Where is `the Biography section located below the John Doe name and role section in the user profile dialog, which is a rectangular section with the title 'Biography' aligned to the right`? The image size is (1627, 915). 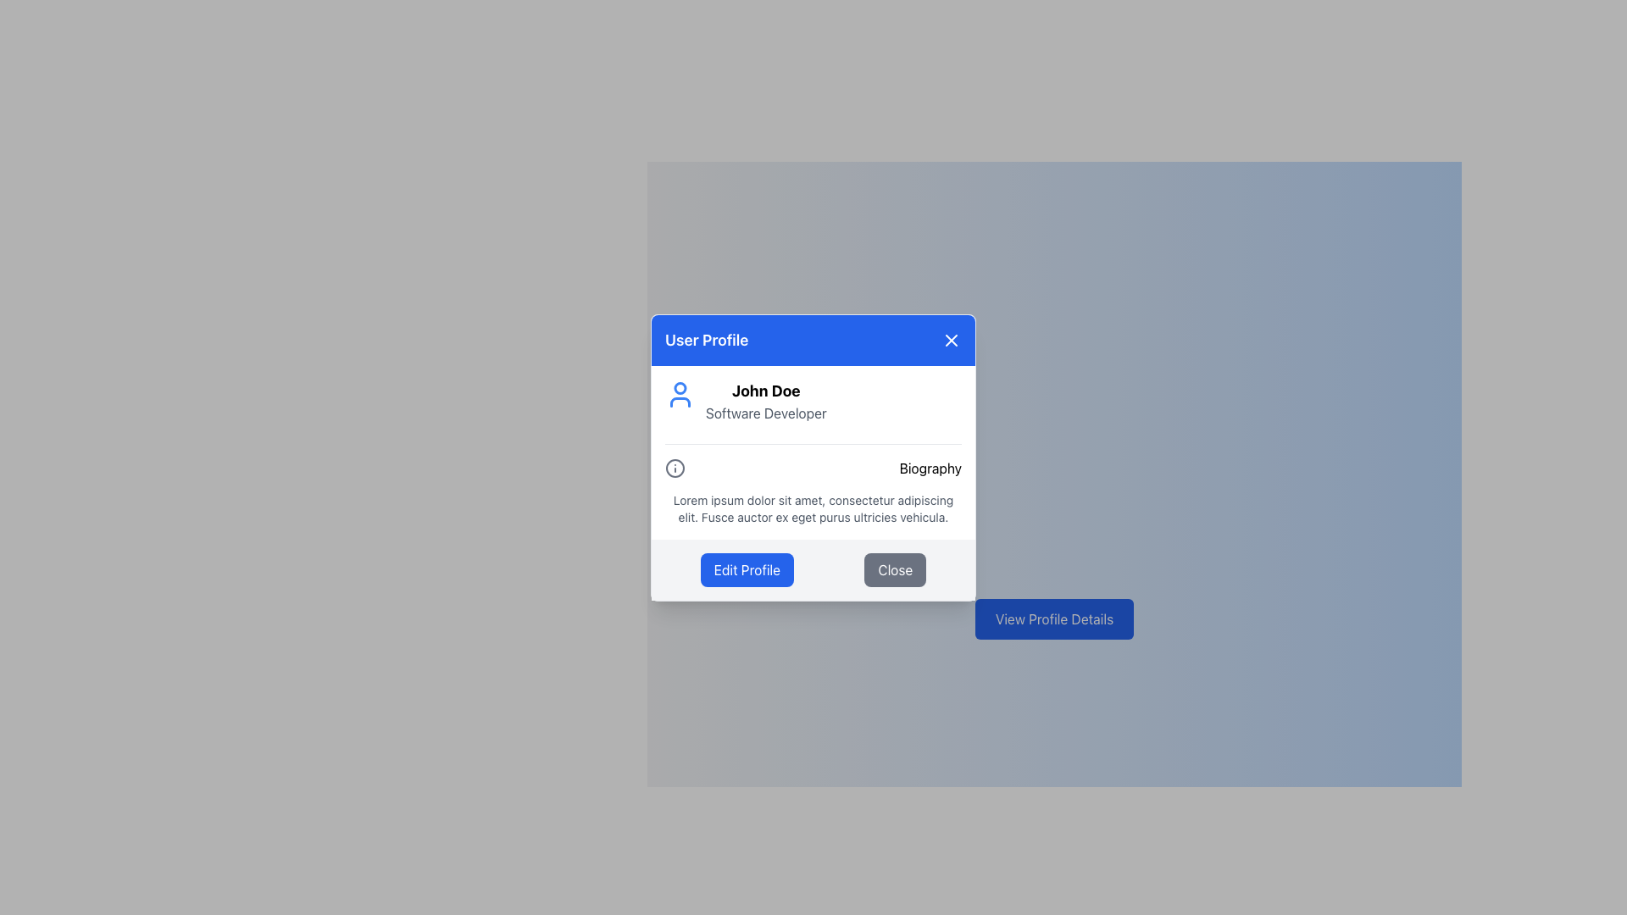 the Biography section located below the John Doe name and role section in the user profile dialog, which is a rectangular section with the title 'Biography' aligned to the right is located at coordinates (813, 484).